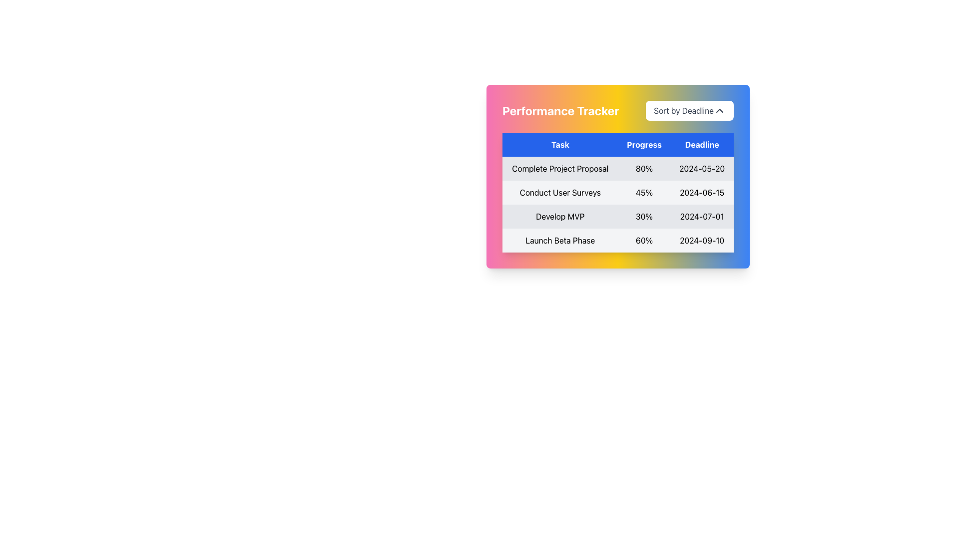 Image resolution: width=959 pixels, height=539 pixels. I want to click on the chevron arrow icon within the 'Sort by Deadline' button, so click(719, 111).